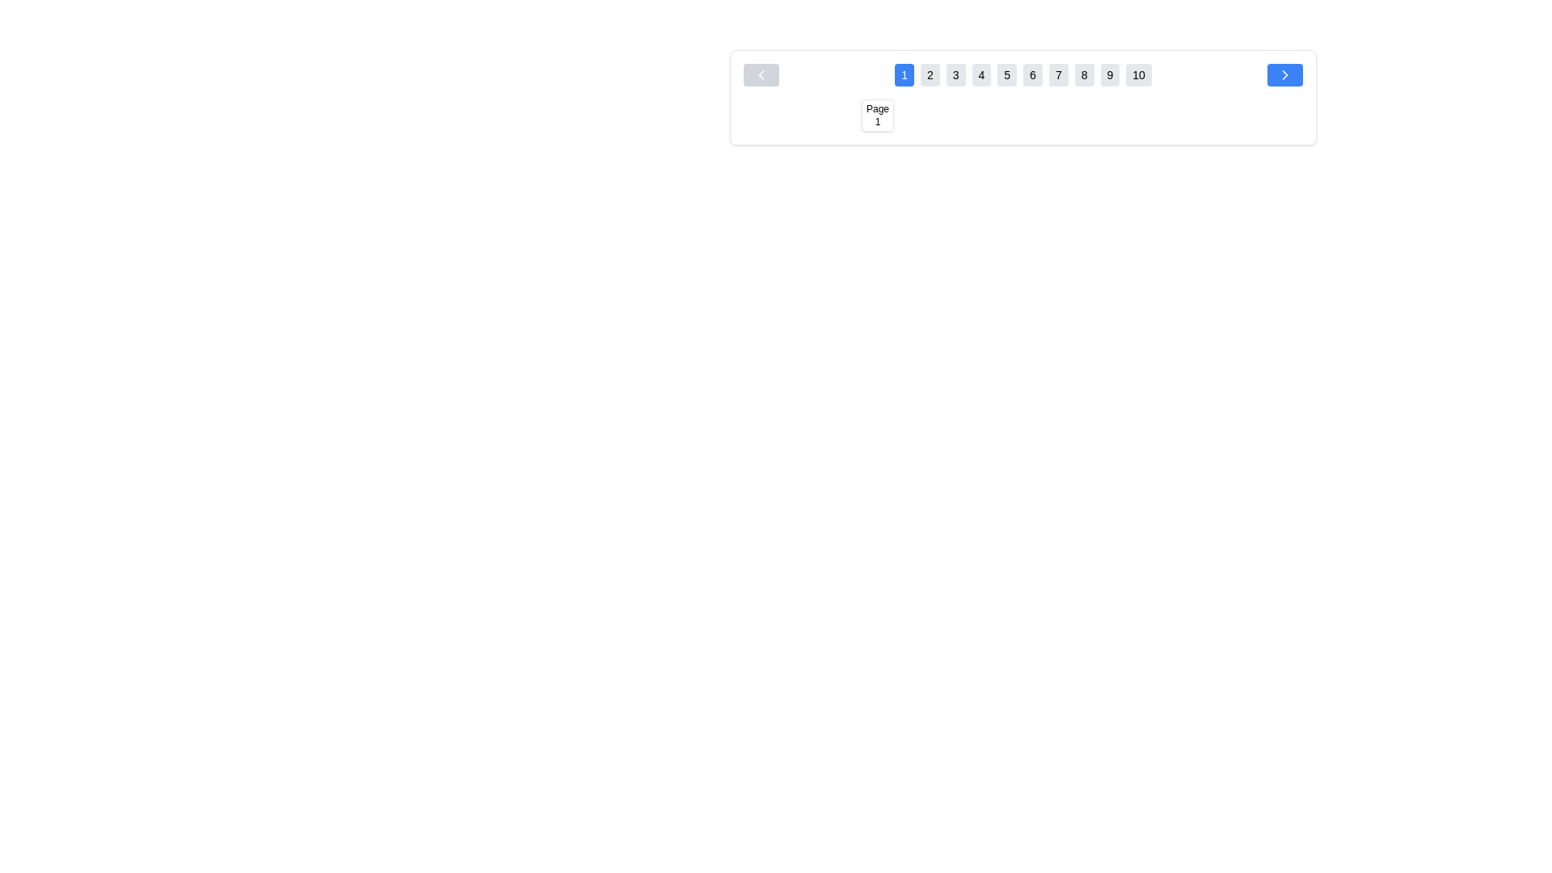 This screenshot has width=1552, height=873. What do you see at coordinates (955, 74) in the screenshot?
I see `the button labeled '3', which is the third button in a row of pagination controls` at bounding box center [955, 74].